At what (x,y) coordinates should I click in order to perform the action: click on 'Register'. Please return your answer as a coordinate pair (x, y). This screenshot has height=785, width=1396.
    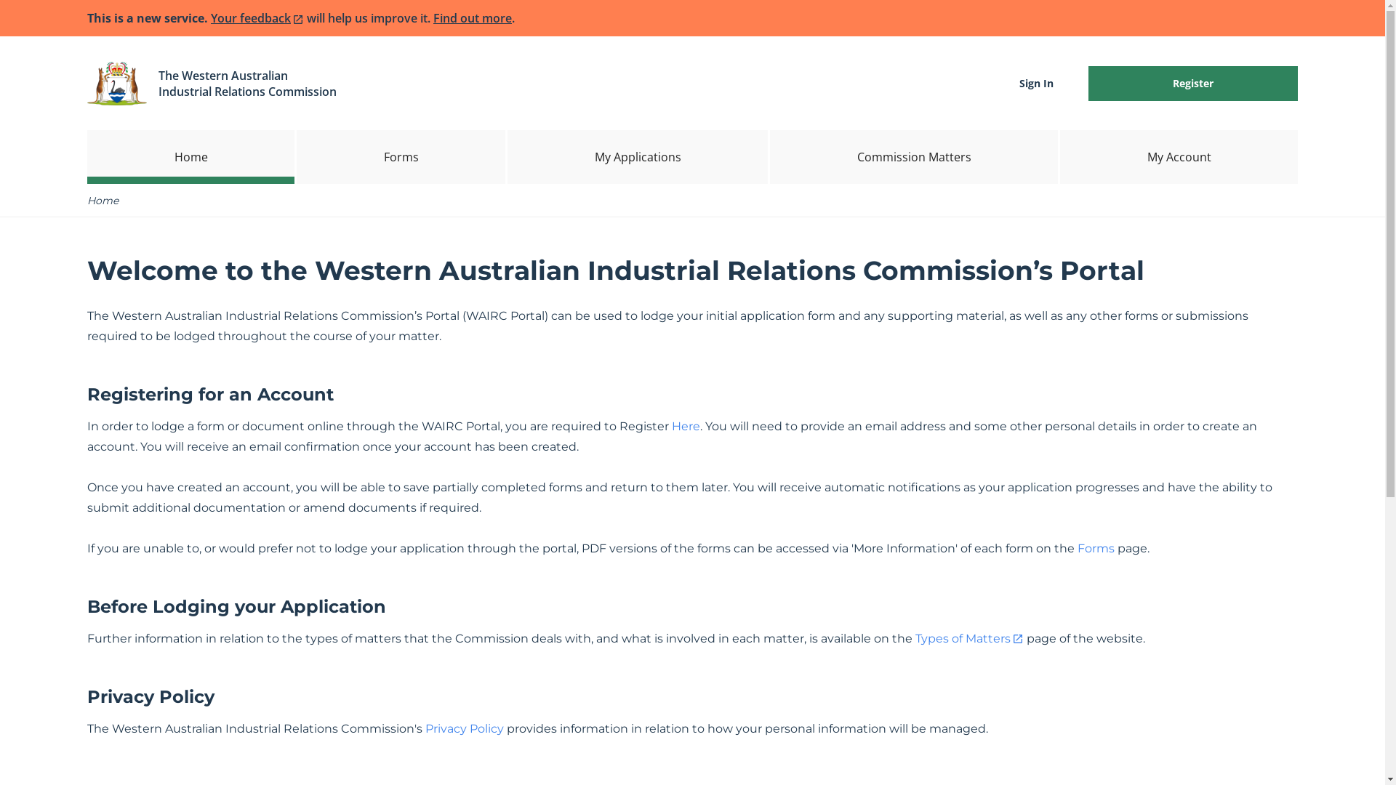
    Looking at the image, I should click on (1193, 84).